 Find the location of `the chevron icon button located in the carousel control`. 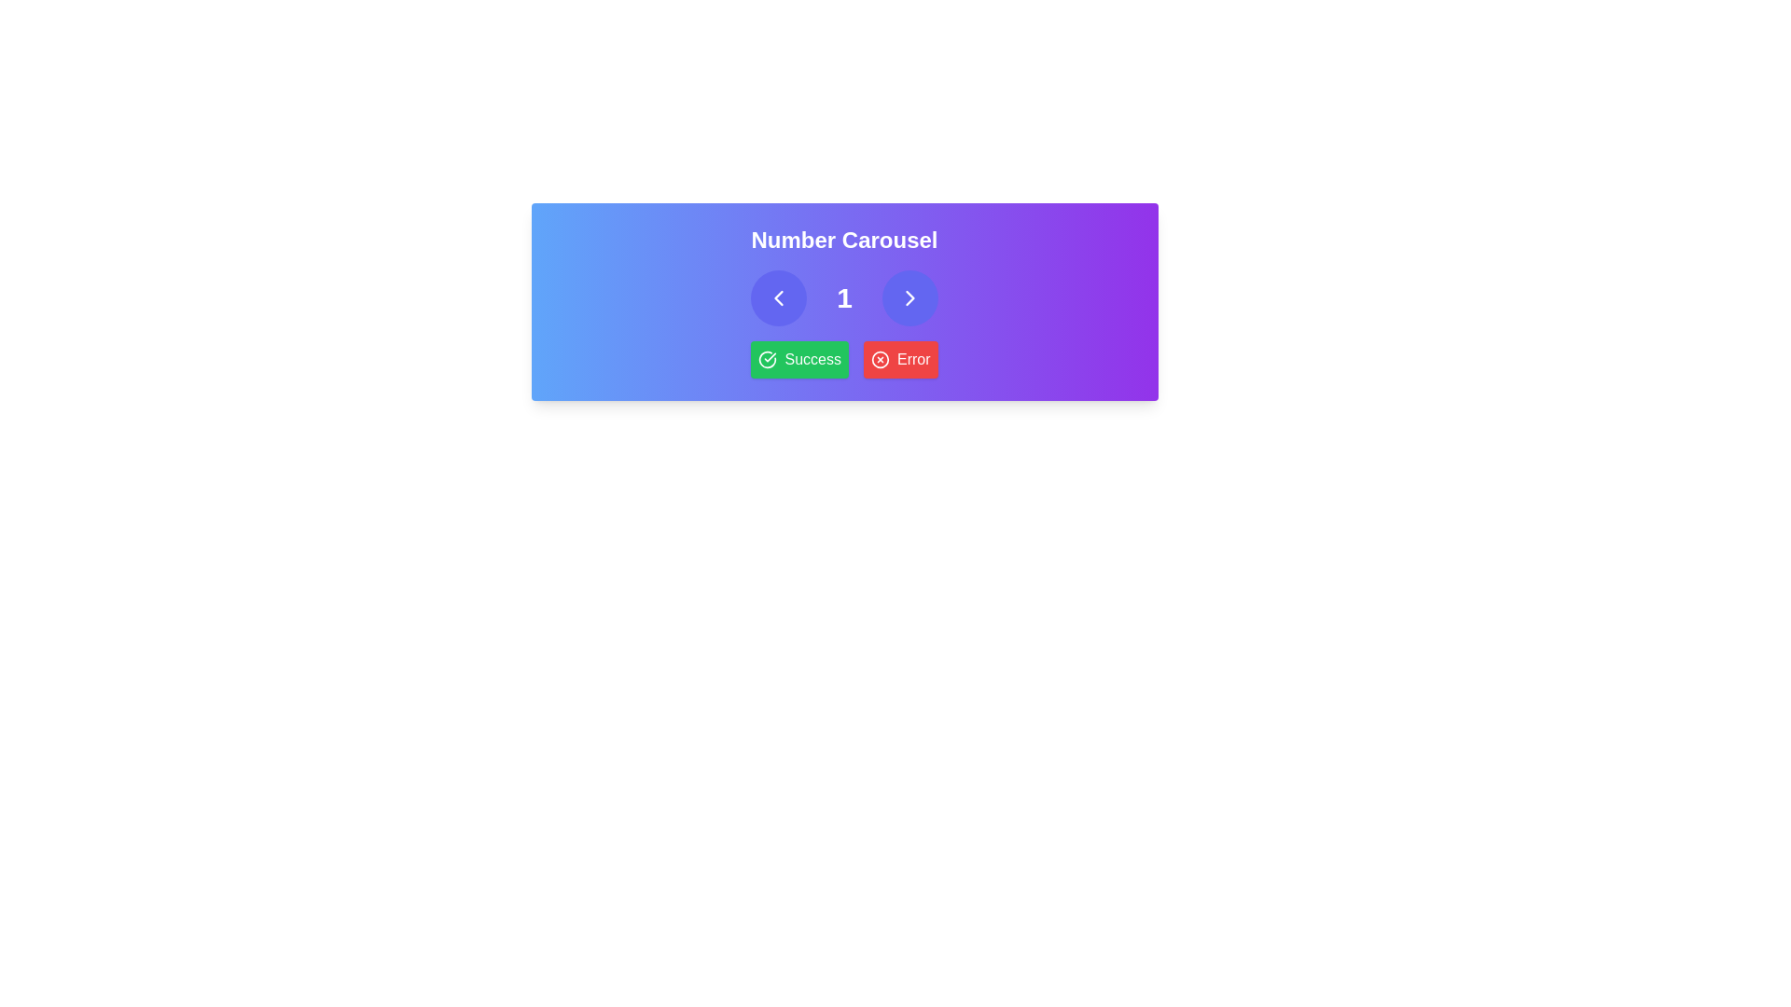

the chevron icon button located in the carousel control is located at coordinates (779, 297).